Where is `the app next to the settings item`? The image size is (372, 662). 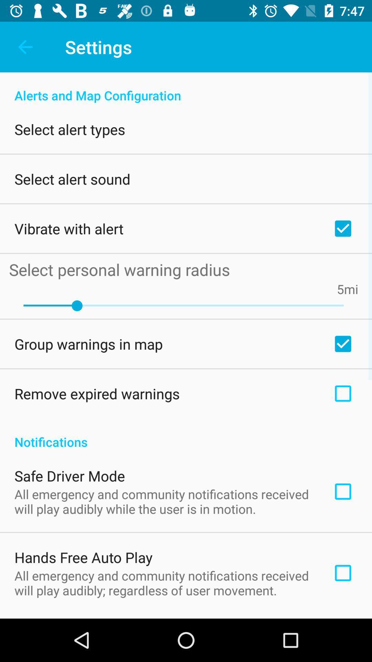 the app next to the settings item is located at coordinates (25, 47).